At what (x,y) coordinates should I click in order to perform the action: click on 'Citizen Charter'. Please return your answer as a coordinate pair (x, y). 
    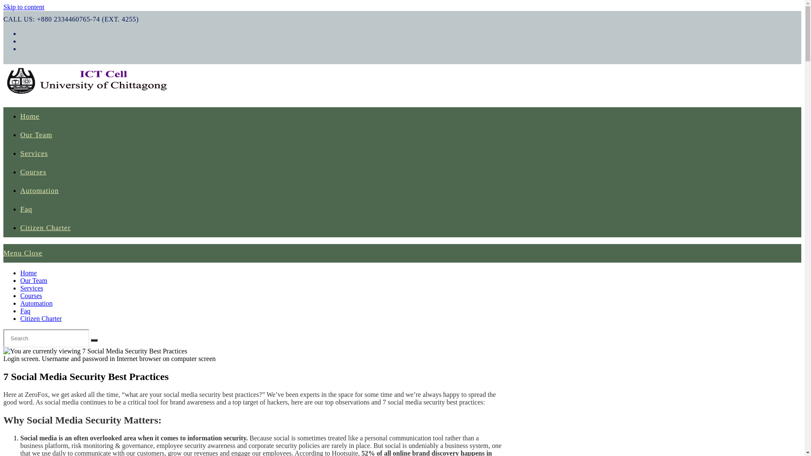
    Looking at the image, I should click on (45, 227).